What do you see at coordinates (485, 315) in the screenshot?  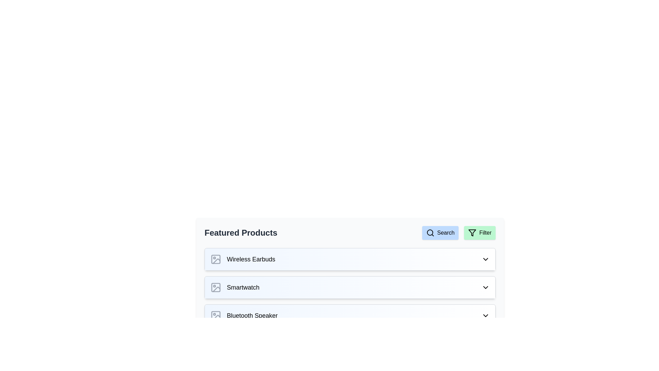 I see `the downward-pointing chevron icon located on the right-hand side of the 'Bluetooth Speaker' label` at bounding box center [485, 315].